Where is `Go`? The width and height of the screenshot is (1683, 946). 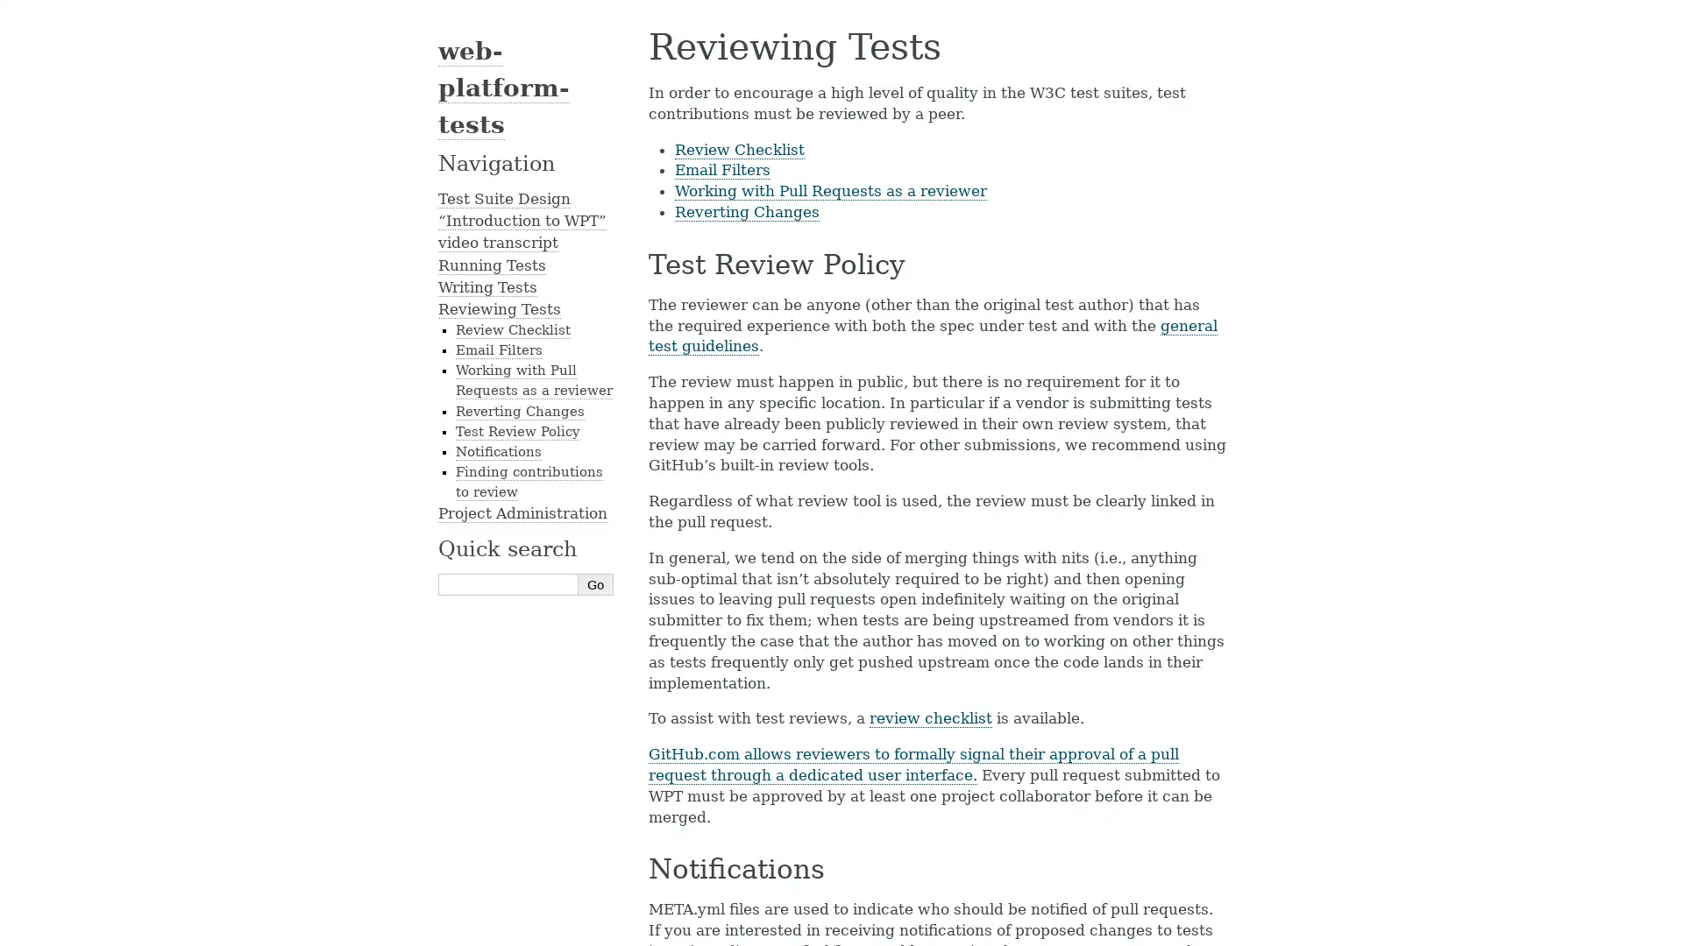
Go is located at coordinates (596, 584).